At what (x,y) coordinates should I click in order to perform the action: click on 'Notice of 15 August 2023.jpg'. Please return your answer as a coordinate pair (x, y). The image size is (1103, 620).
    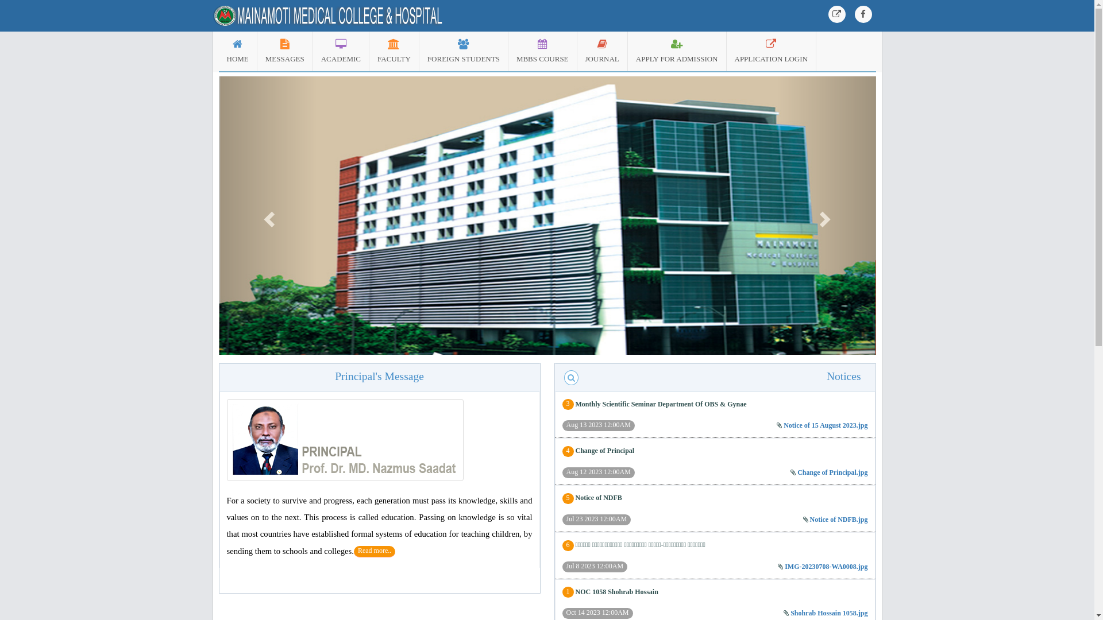
    Looking at the image, I should click on (824, 425).